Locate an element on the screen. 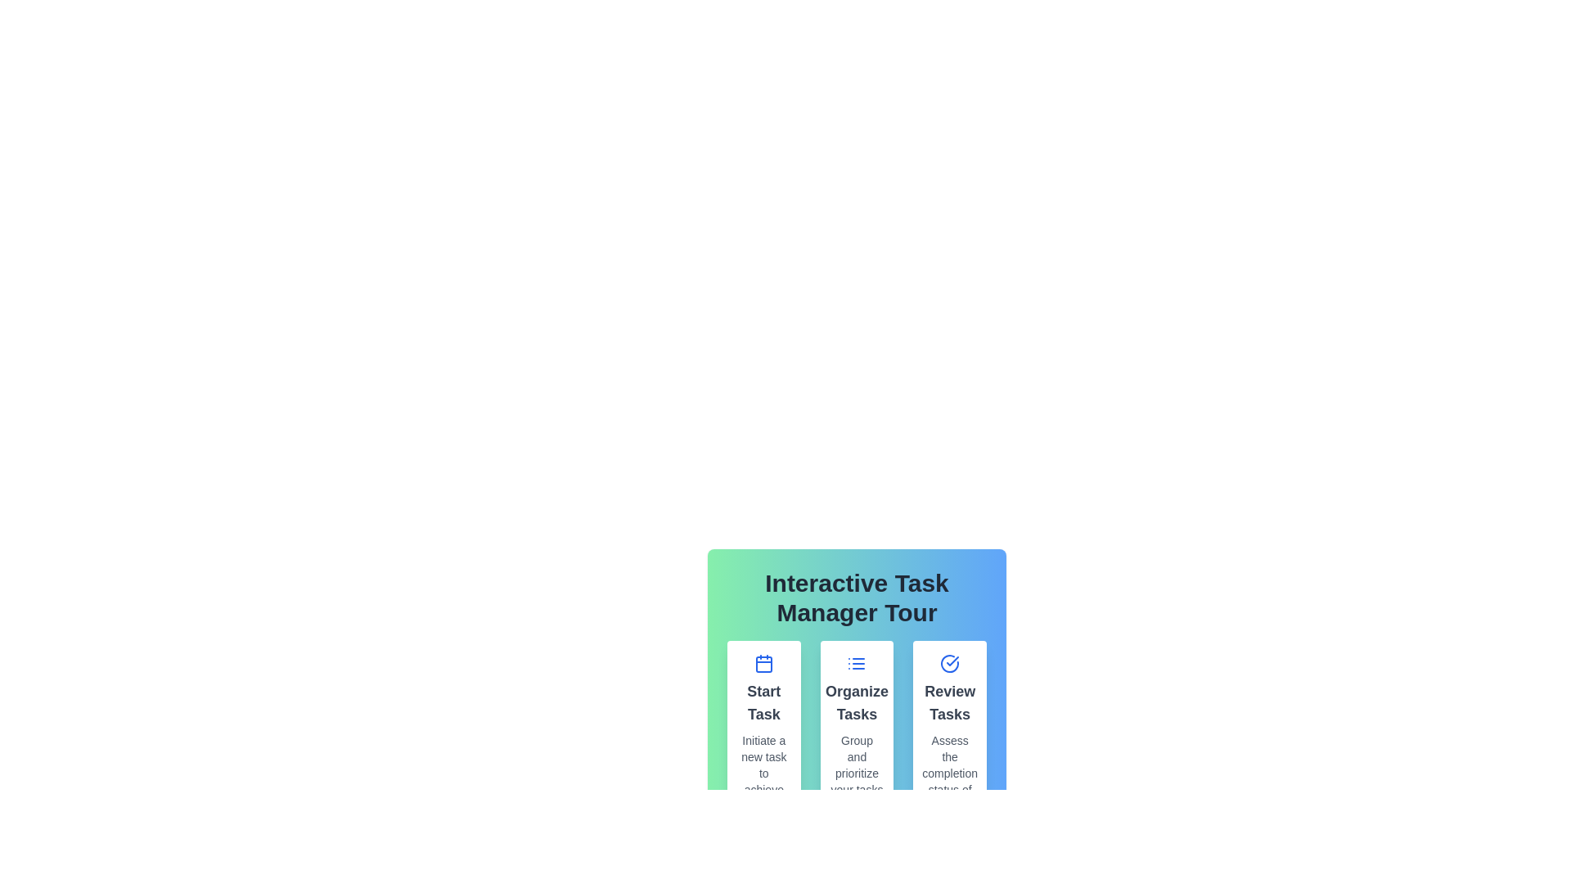 This screenshot has height=884, width=1571. the feature associated with the text block that states 'Group is located at coordinates (856, 773).